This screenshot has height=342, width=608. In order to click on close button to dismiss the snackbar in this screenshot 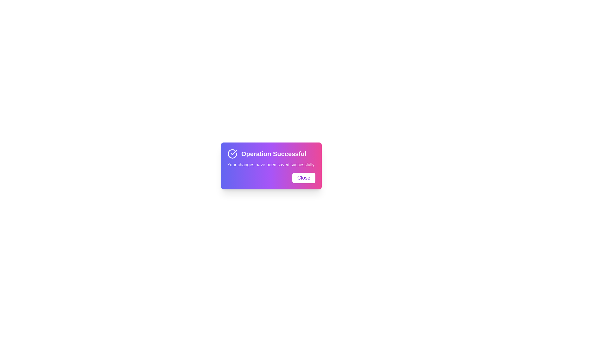, I will do `click(303, 178)`.